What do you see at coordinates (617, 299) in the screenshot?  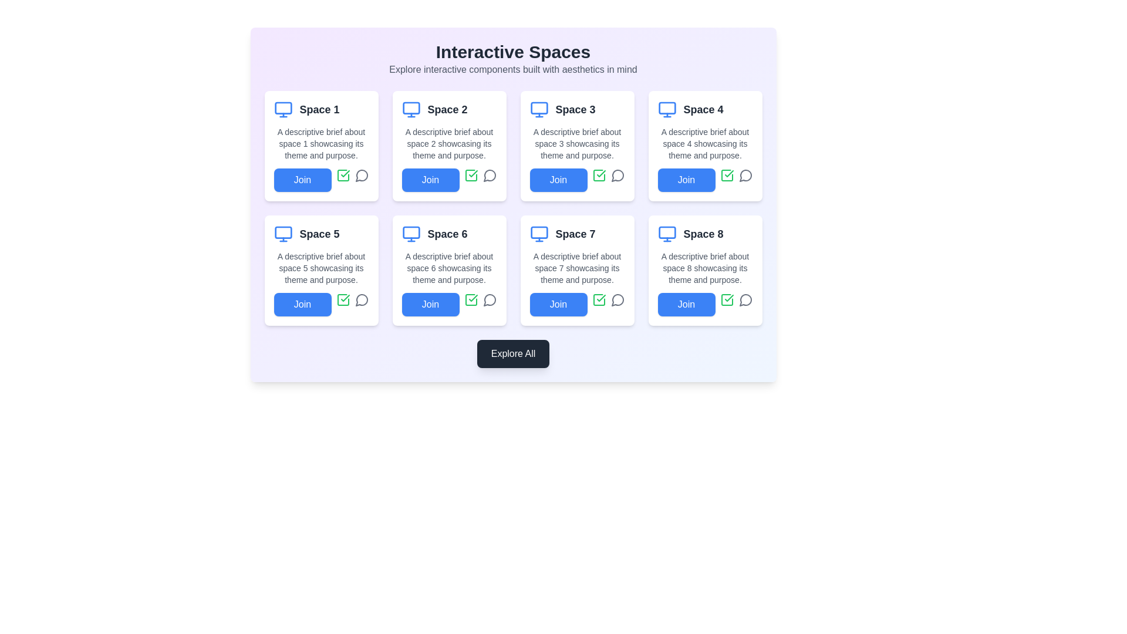 I see `the light gray circular speech bubble icon, which is the third icon in a horizontal row` at bounding box center [617, 299].